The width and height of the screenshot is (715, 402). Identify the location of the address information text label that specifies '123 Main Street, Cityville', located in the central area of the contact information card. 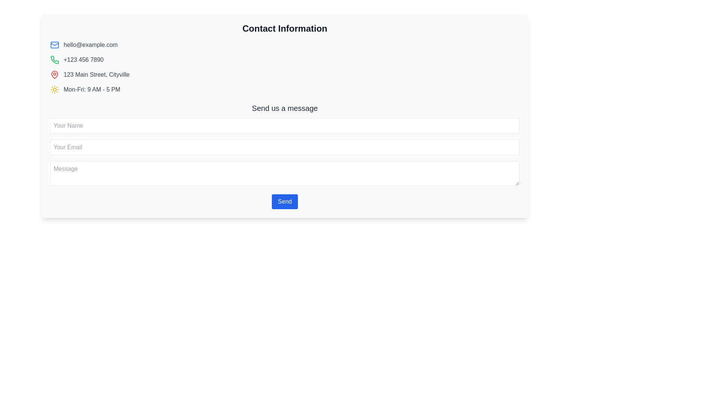
(96, 74).